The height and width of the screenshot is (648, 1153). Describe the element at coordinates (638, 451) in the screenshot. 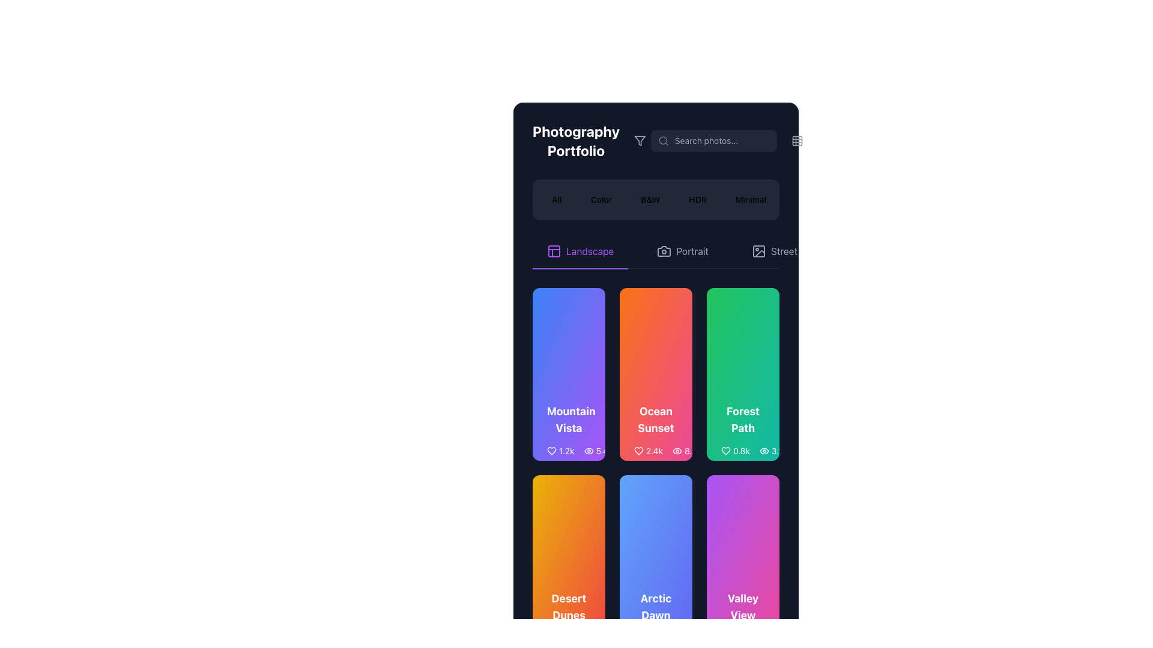

I see `the heart-shaped icon representing 'like' or 'favorite' action located at the bottom segment of the 'Ocean Sunset' card` at that location.